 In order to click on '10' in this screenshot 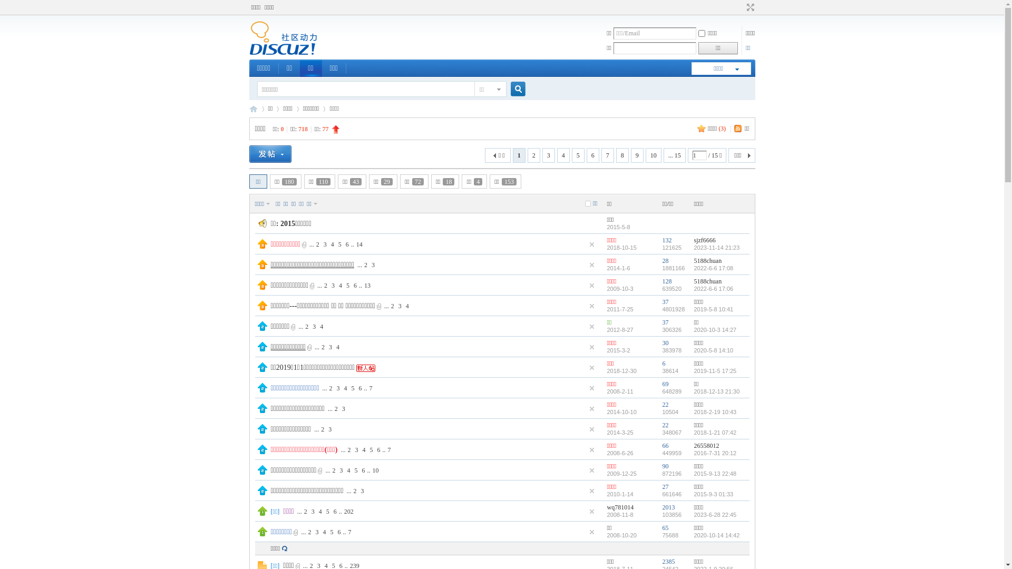, I will do `click(369, 470)`.